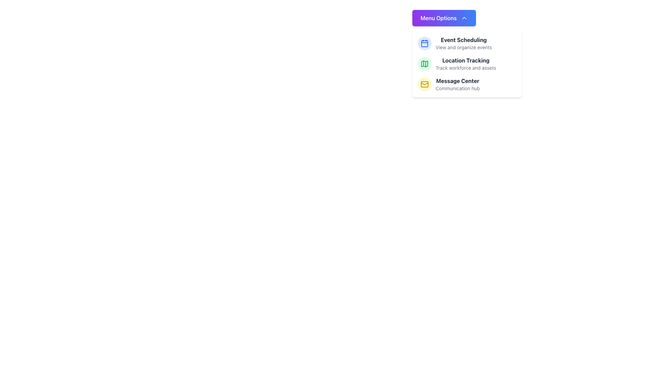 The height and width of the screenshot is (369, 657). Describe the element at coordinates (466, 64) in the screenshot. I see `the 'Location Tracking' menu option, which features a green map icon and bold text` at that location.